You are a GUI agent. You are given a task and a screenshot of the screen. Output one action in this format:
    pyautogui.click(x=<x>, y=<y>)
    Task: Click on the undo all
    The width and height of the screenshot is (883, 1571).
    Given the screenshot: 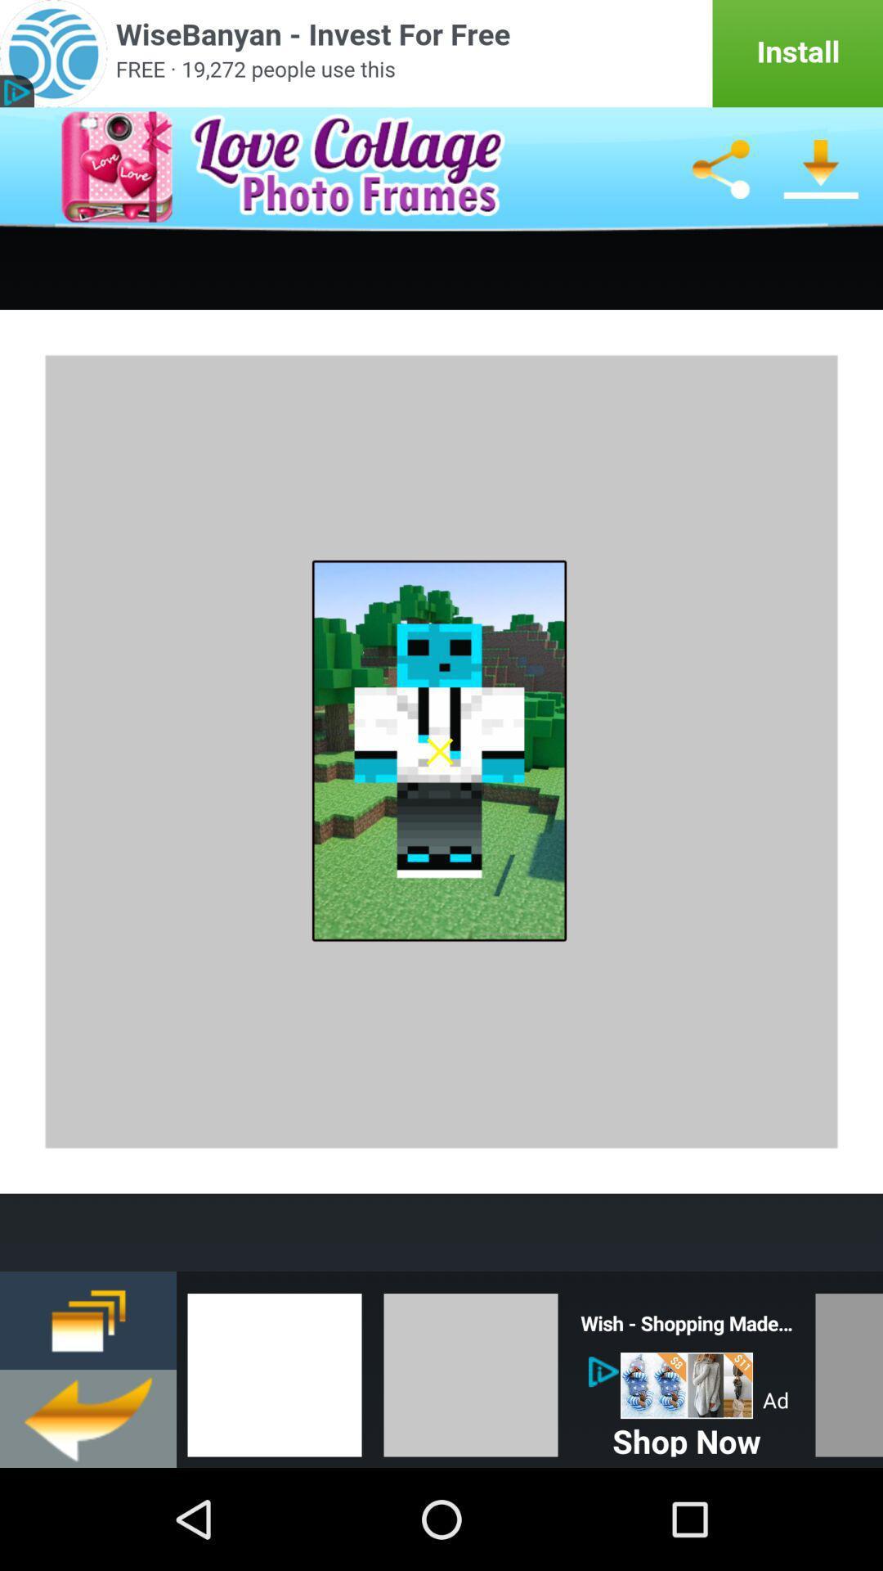 What is the action you would take?
    pyautogui.click(x=88, y=1417)
    